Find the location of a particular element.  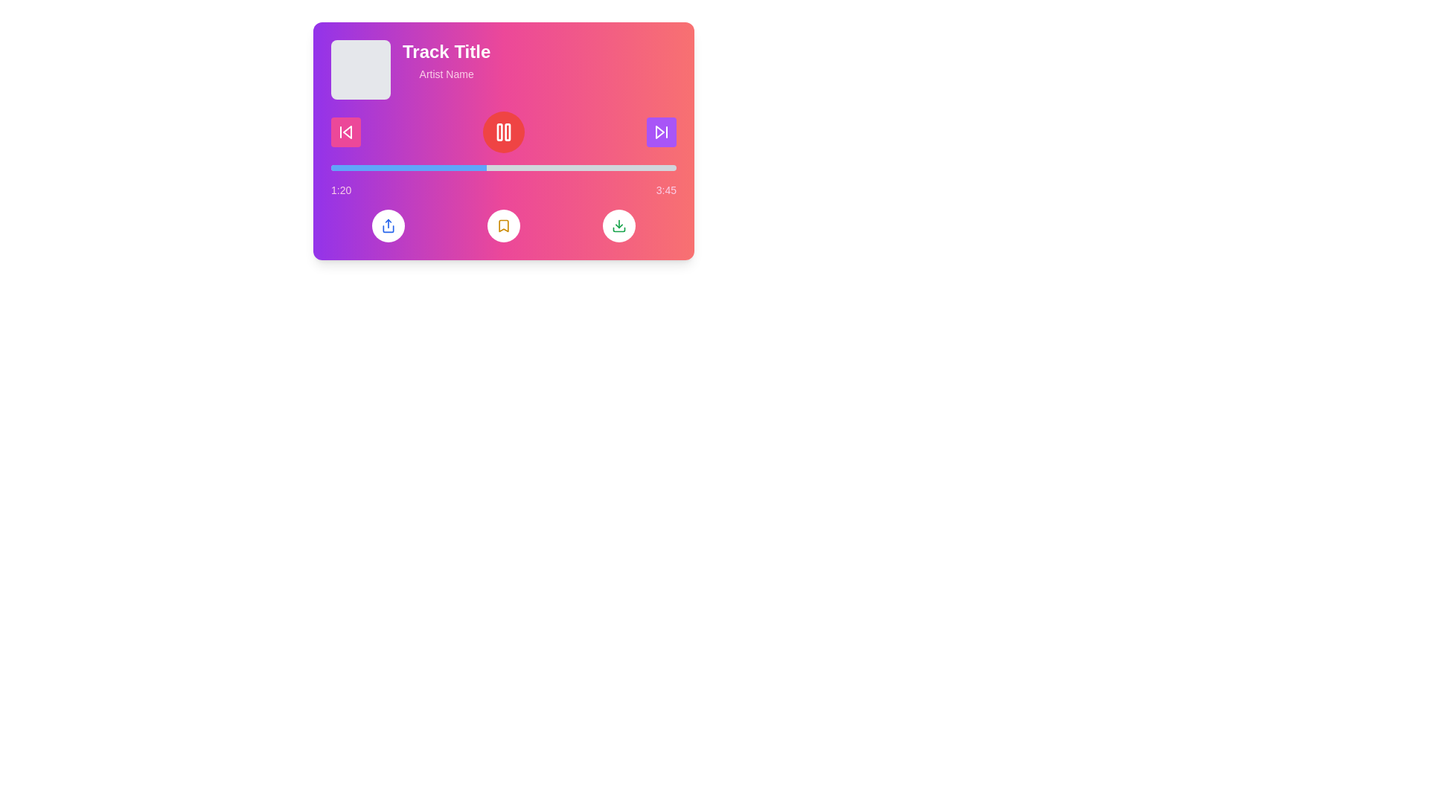

the skip button located near the middle-right side of the media player interface to skip to the next track is located at coordinates (660, 131).